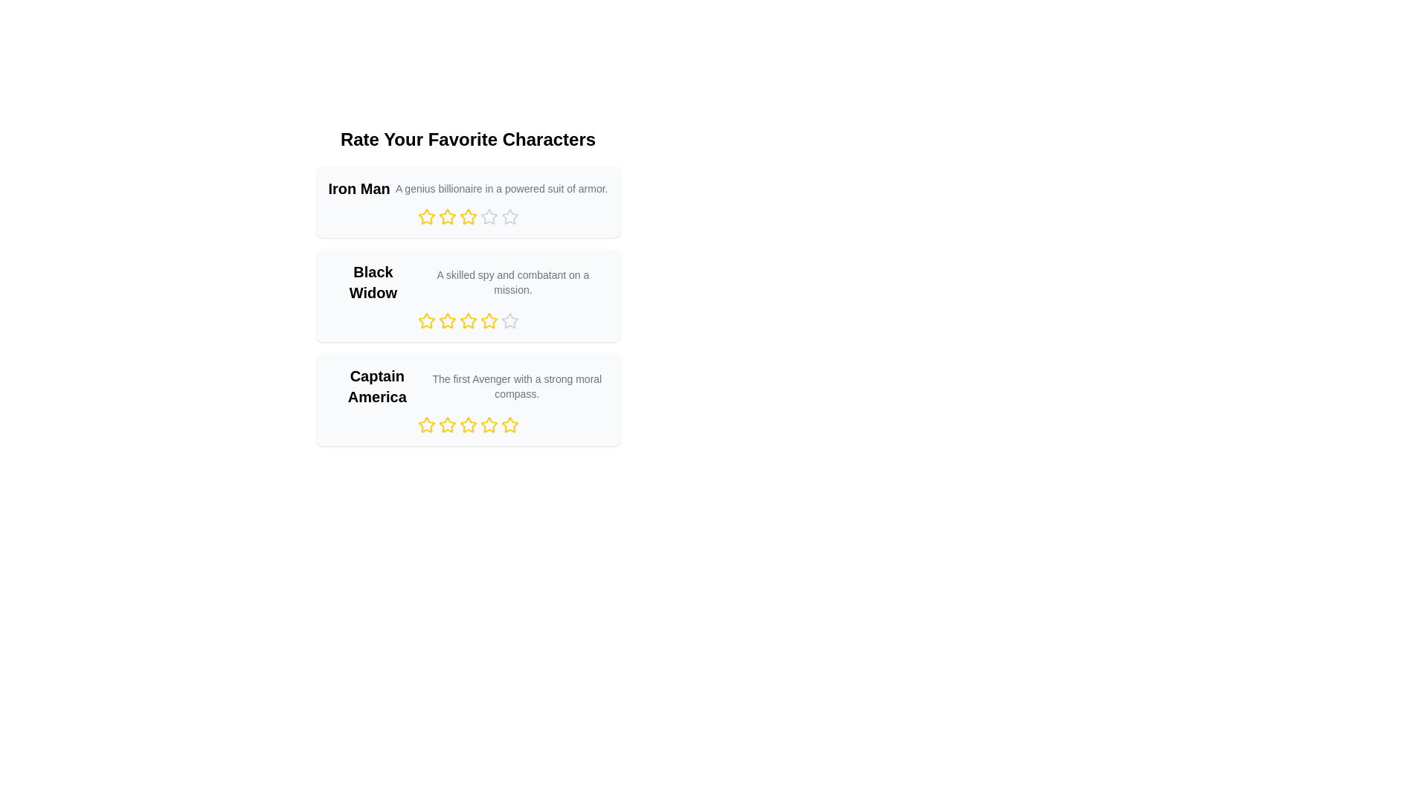  What do you see at coordinates (425, 320) in the screenshot?
I see `the yellow star icon in the second row under the 'Black Widow' section` at bounding box center [425, 320].